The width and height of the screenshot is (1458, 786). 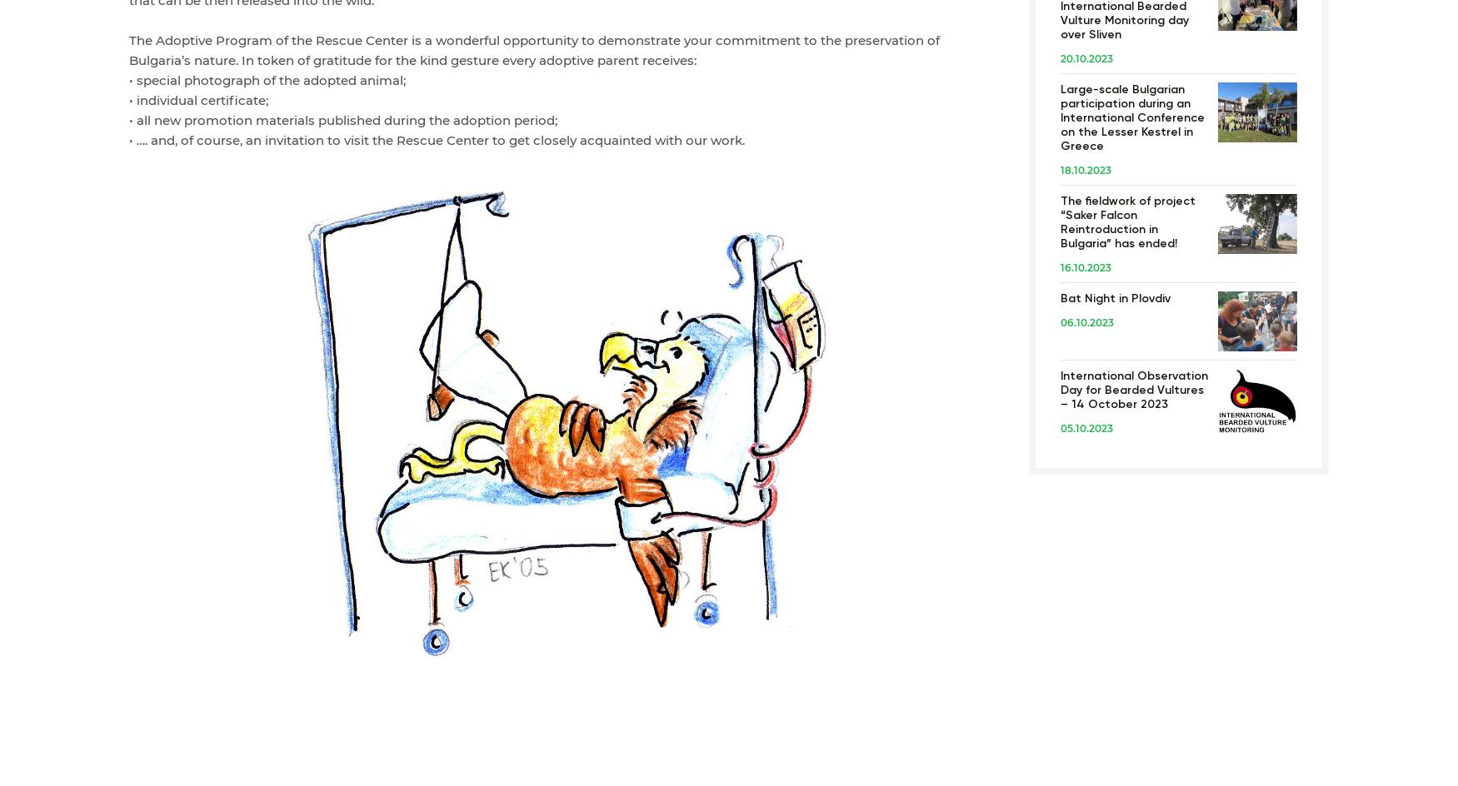 I want to click on '18.10.2023', so click(x=1085, y=169).